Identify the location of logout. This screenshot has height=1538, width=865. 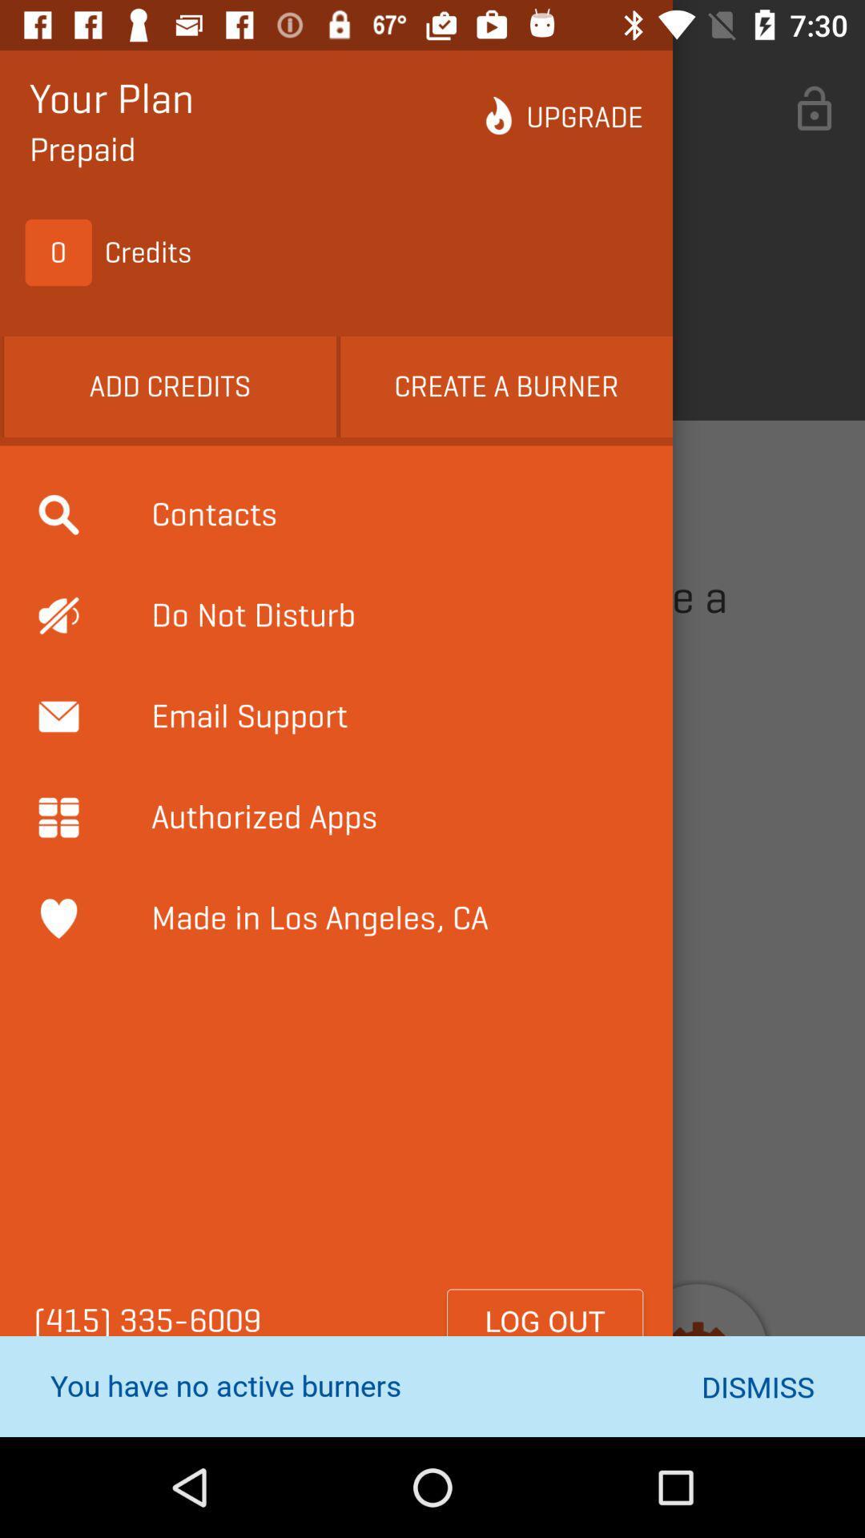
(544, 1321).